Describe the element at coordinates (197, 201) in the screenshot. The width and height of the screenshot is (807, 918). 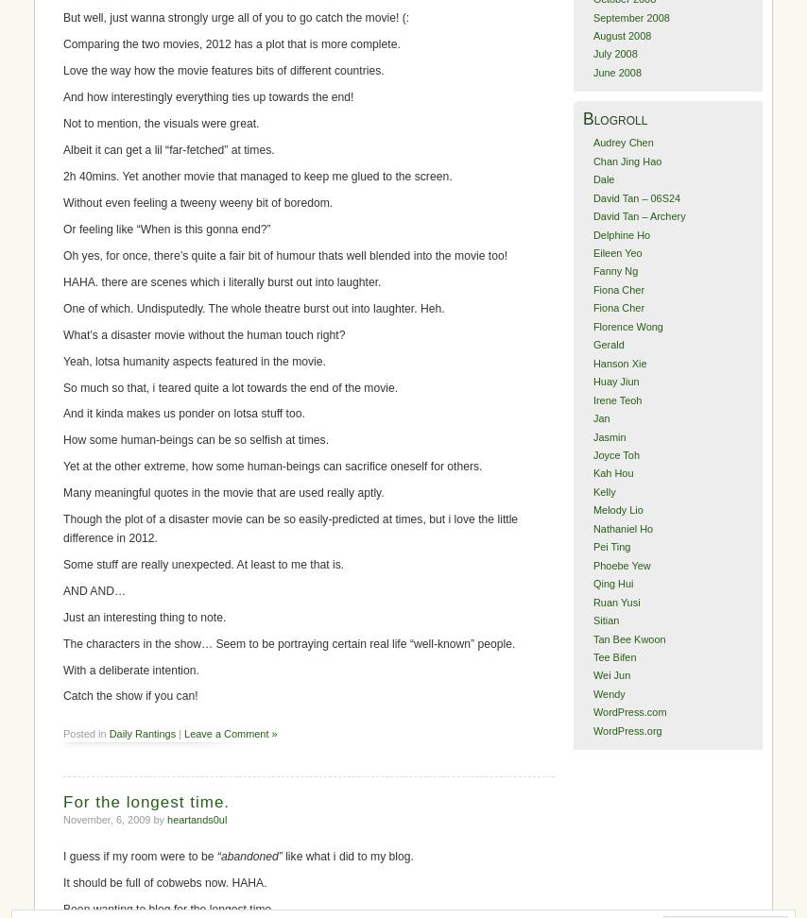
I see `'Without even feeling a tweeny weeny bit of boredom.'` at that location.